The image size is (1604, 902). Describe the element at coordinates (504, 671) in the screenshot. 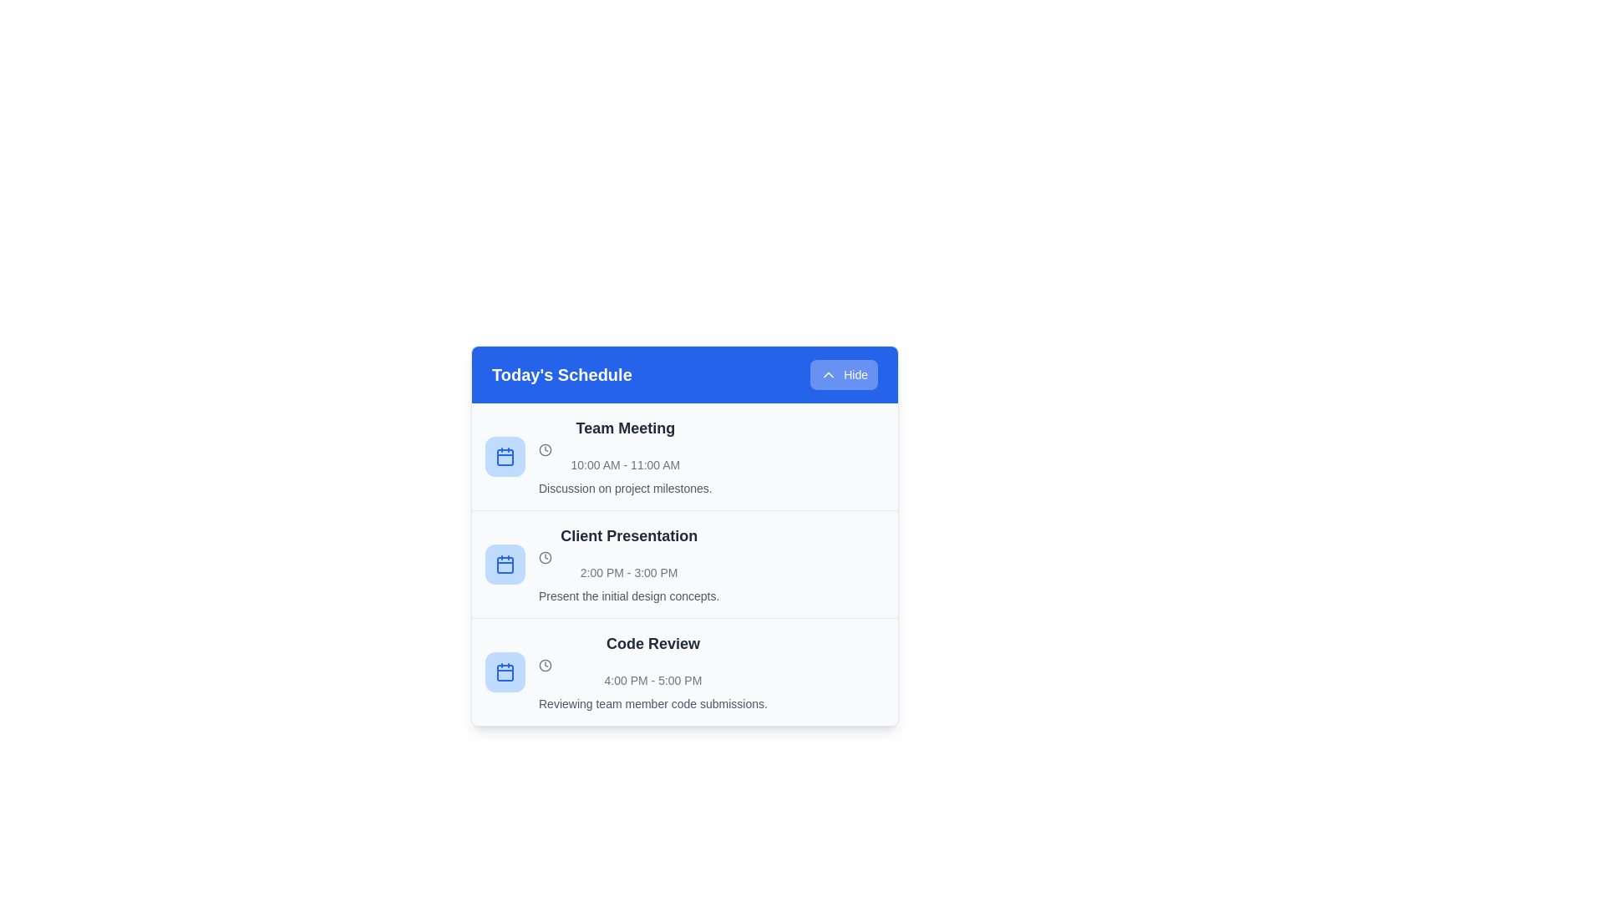

I see `the iconic graphical element representing the event titled 'Code Review'` at that location.